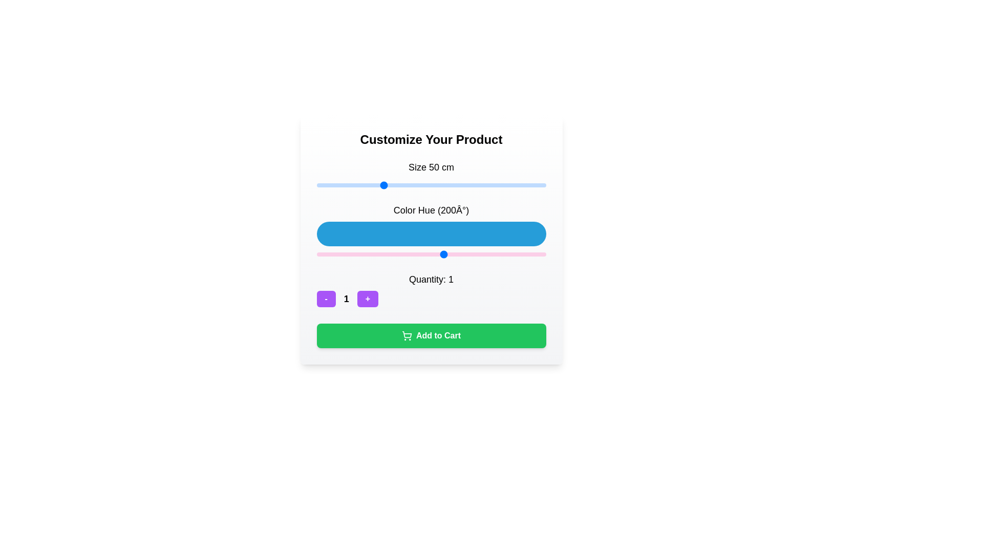 This screenshot has height=553, width=983. I want to click on the size, so click(480, 185).